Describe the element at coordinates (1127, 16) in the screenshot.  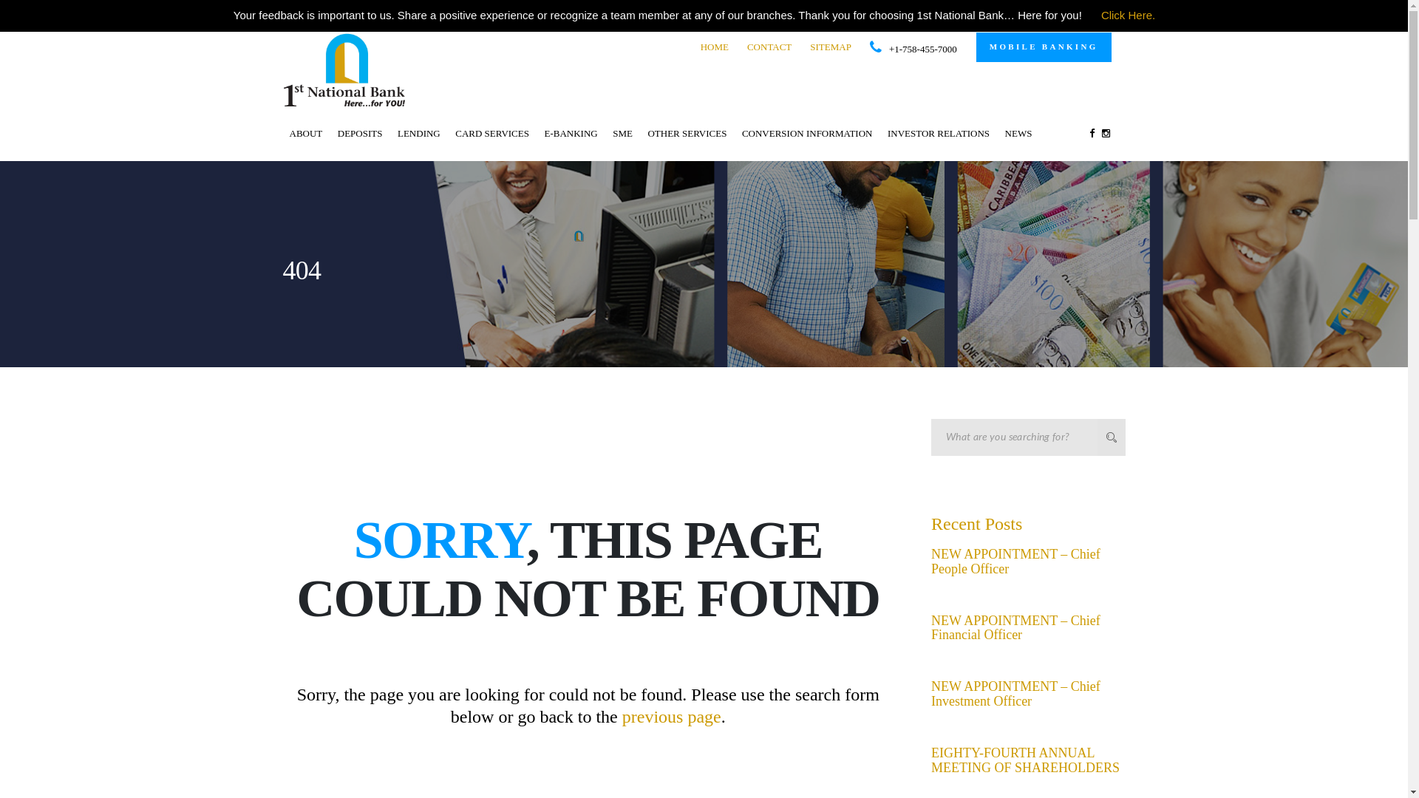
I see `'Click Here.'` at that location.